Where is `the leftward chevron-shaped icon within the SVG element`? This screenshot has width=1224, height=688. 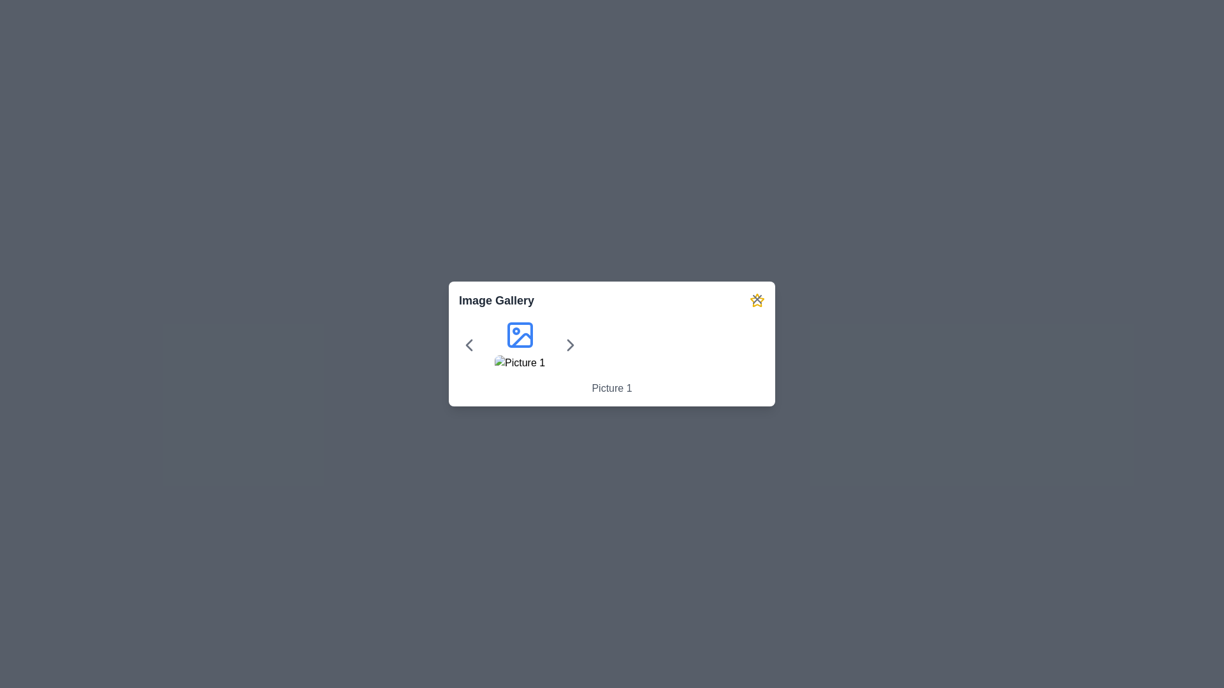
the leftward chevron-shaped icon within the SVG element is located at coordinates (468, 345).